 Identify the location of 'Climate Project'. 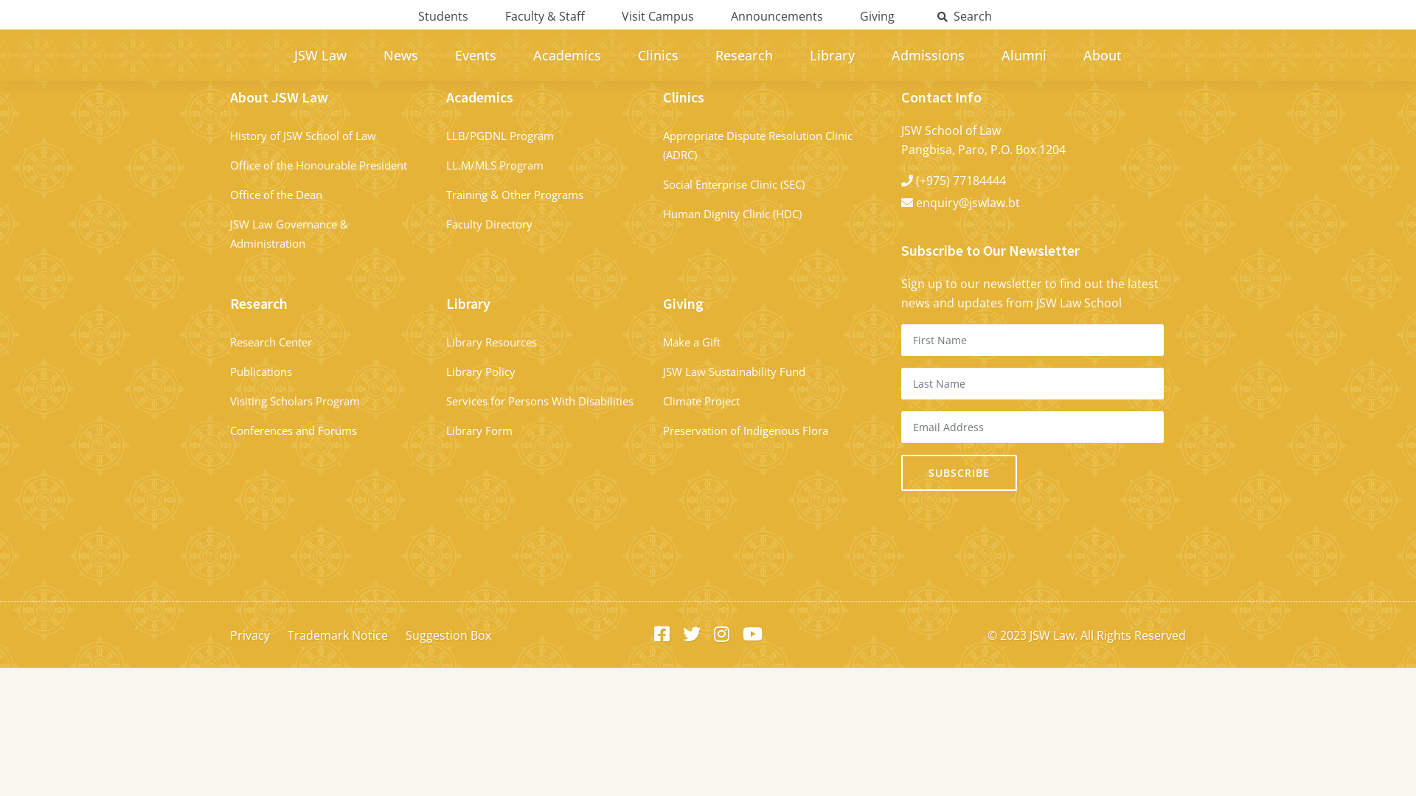
(700, 400).